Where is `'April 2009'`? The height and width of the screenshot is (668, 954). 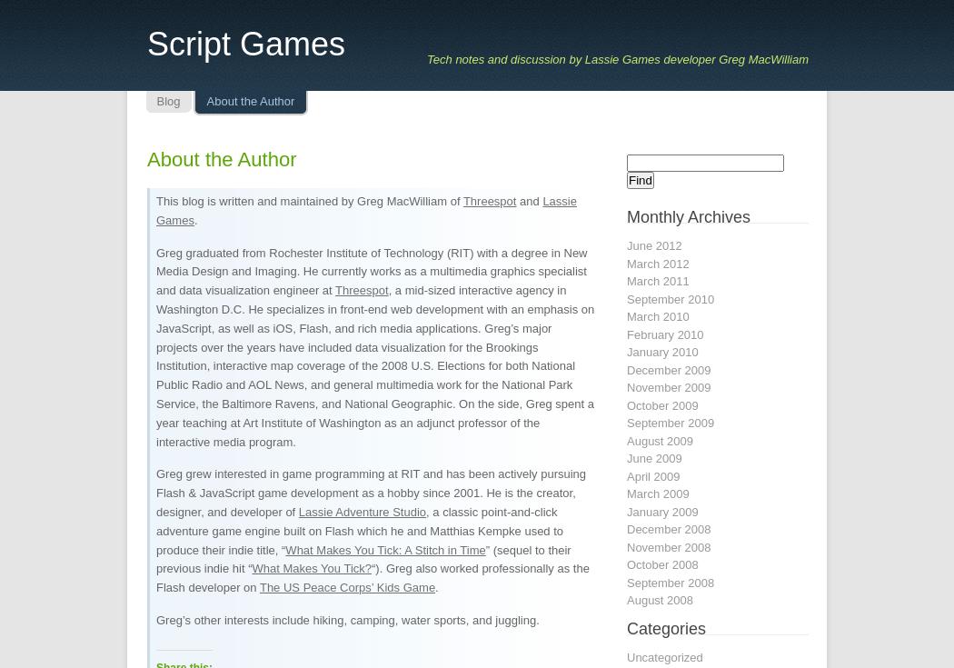
'April 2009' is located at coordinates (652, 475).